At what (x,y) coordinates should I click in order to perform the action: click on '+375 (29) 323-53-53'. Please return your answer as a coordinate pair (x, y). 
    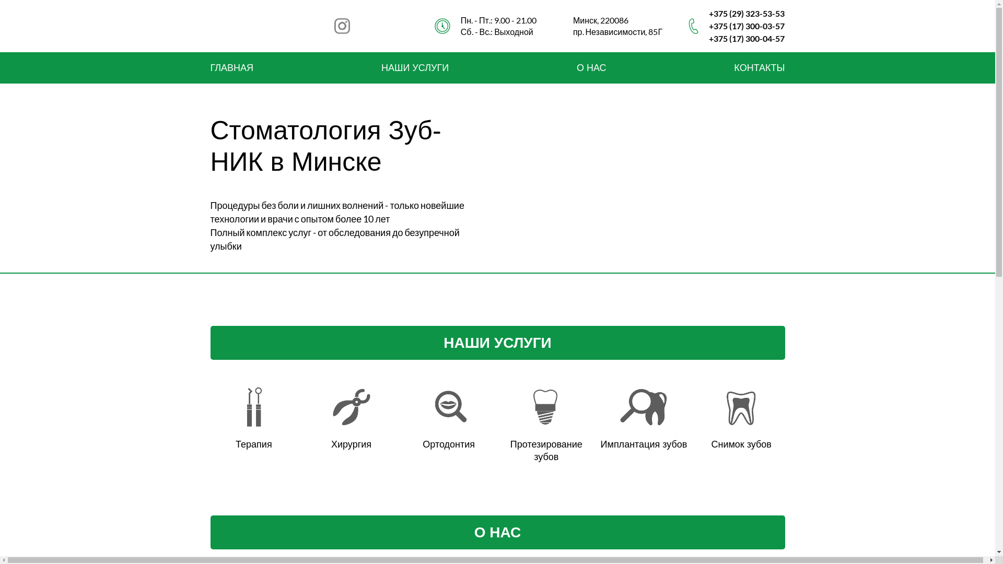
    Looking at the image, I should click on (746, 14).